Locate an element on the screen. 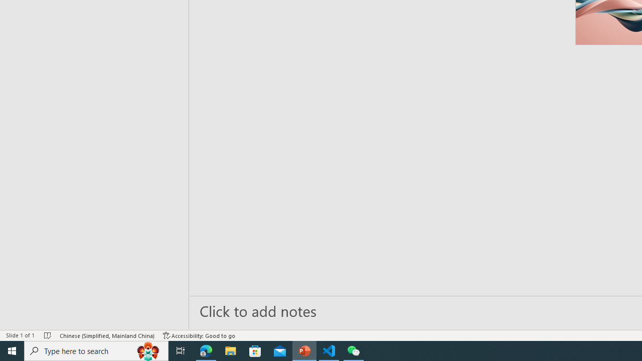 The height and width of the screenshot is (361, 642). 'Accessibility Checker Accessibility: Good to go' is located at coordinates (199, 335).